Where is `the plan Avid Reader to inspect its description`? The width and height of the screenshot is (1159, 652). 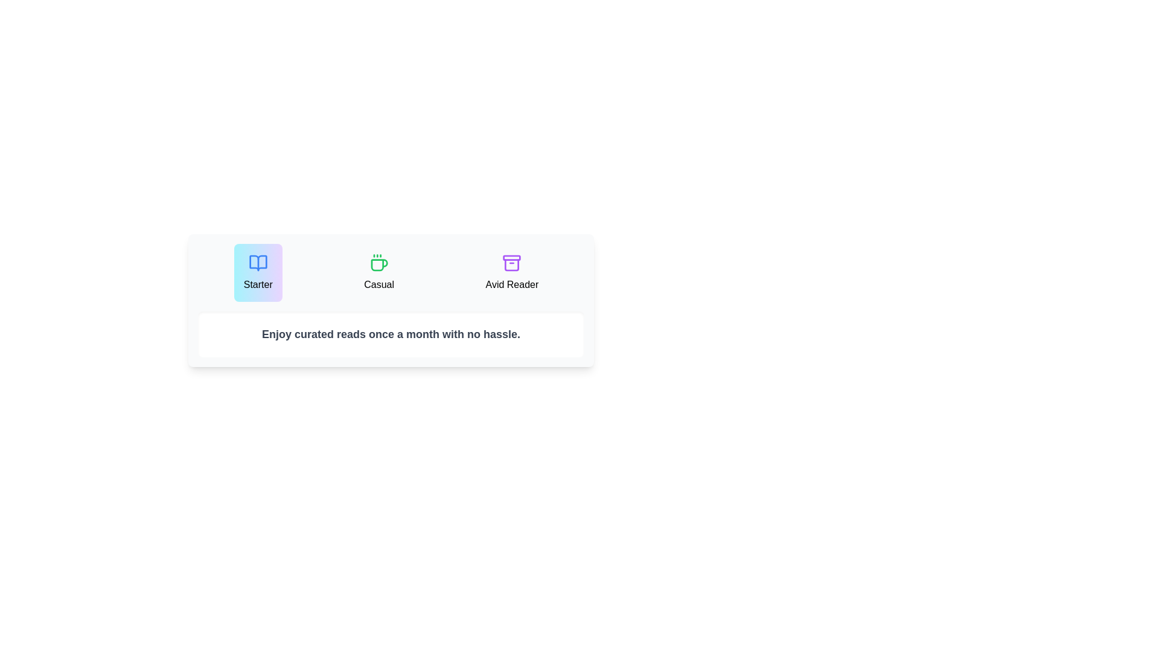
the plan Avid Reader to inspect its description is located at coordinates (512, 272).